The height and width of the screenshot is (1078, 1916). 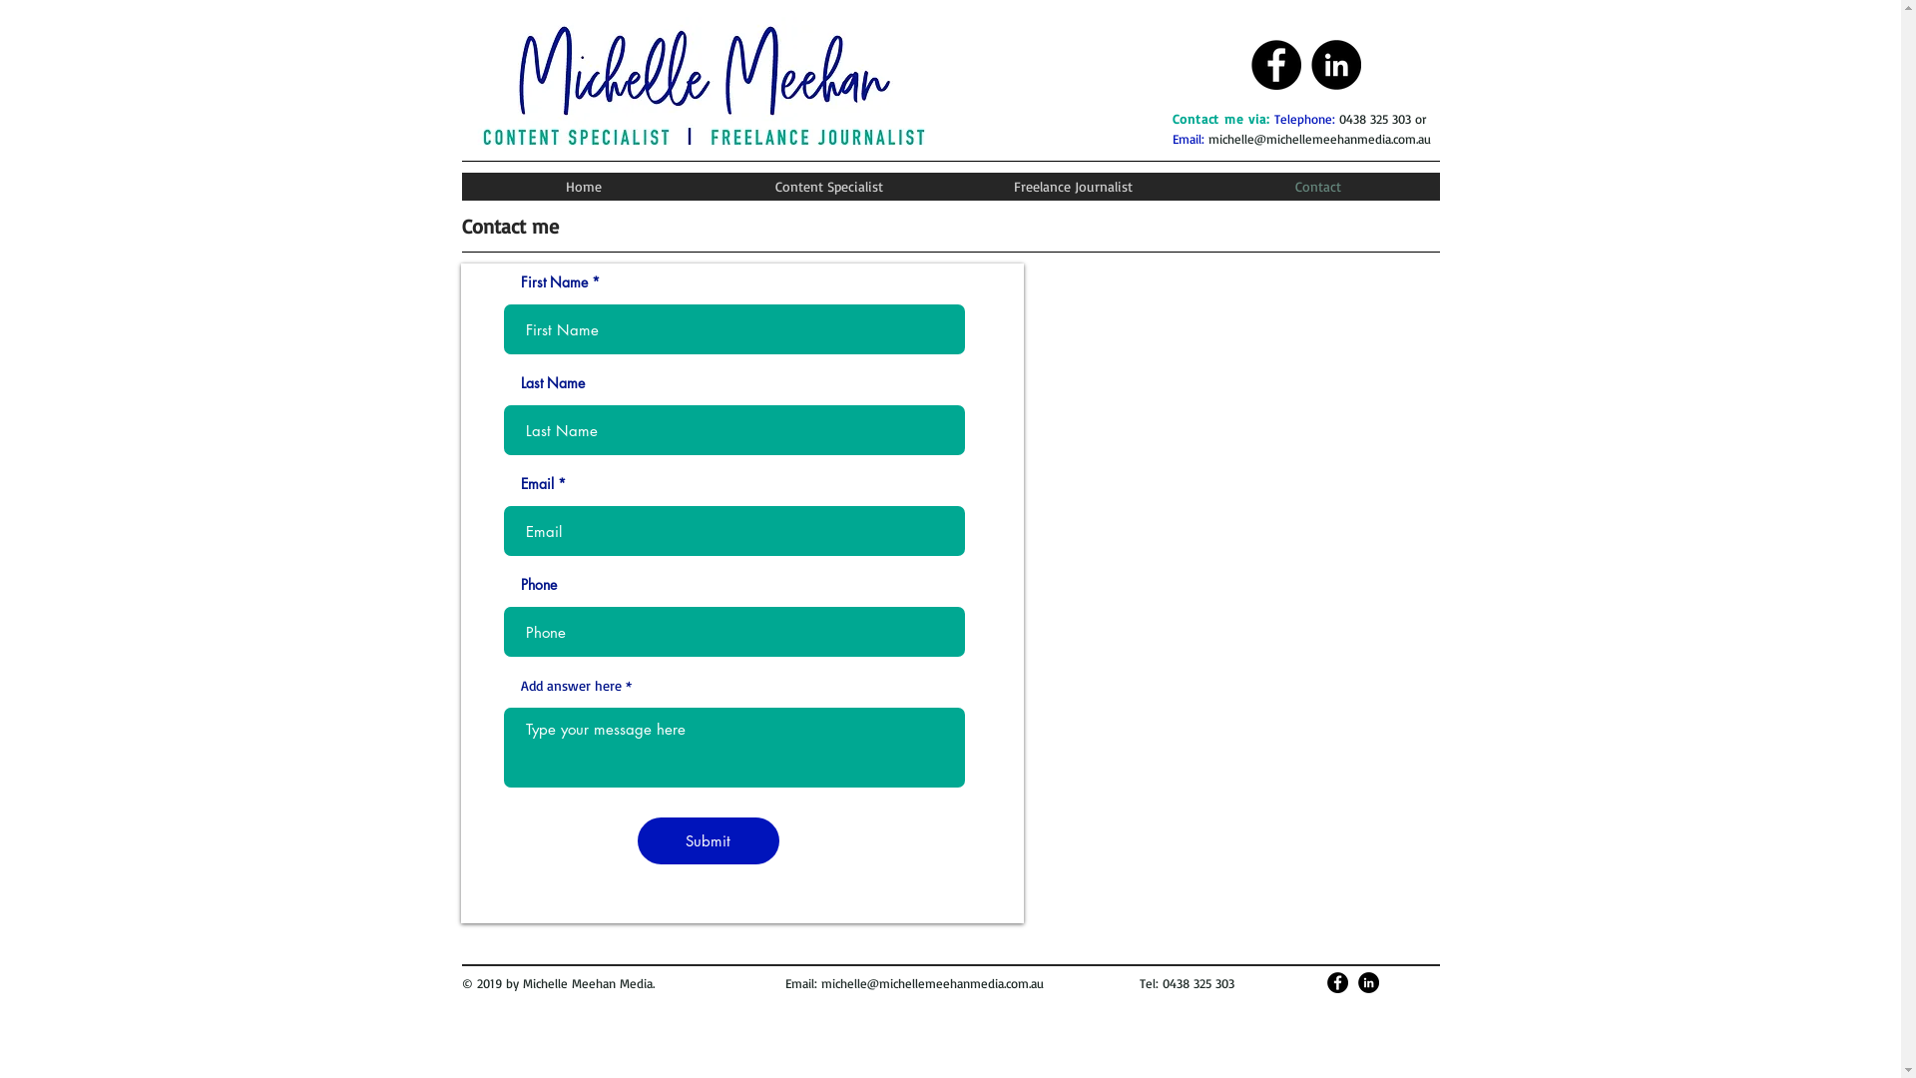 What do you see at coordinates (930, 981) in the screenshot?
I see `'michelle@michellemeehanmedia.com.au'` at bounding box center [930, 981].